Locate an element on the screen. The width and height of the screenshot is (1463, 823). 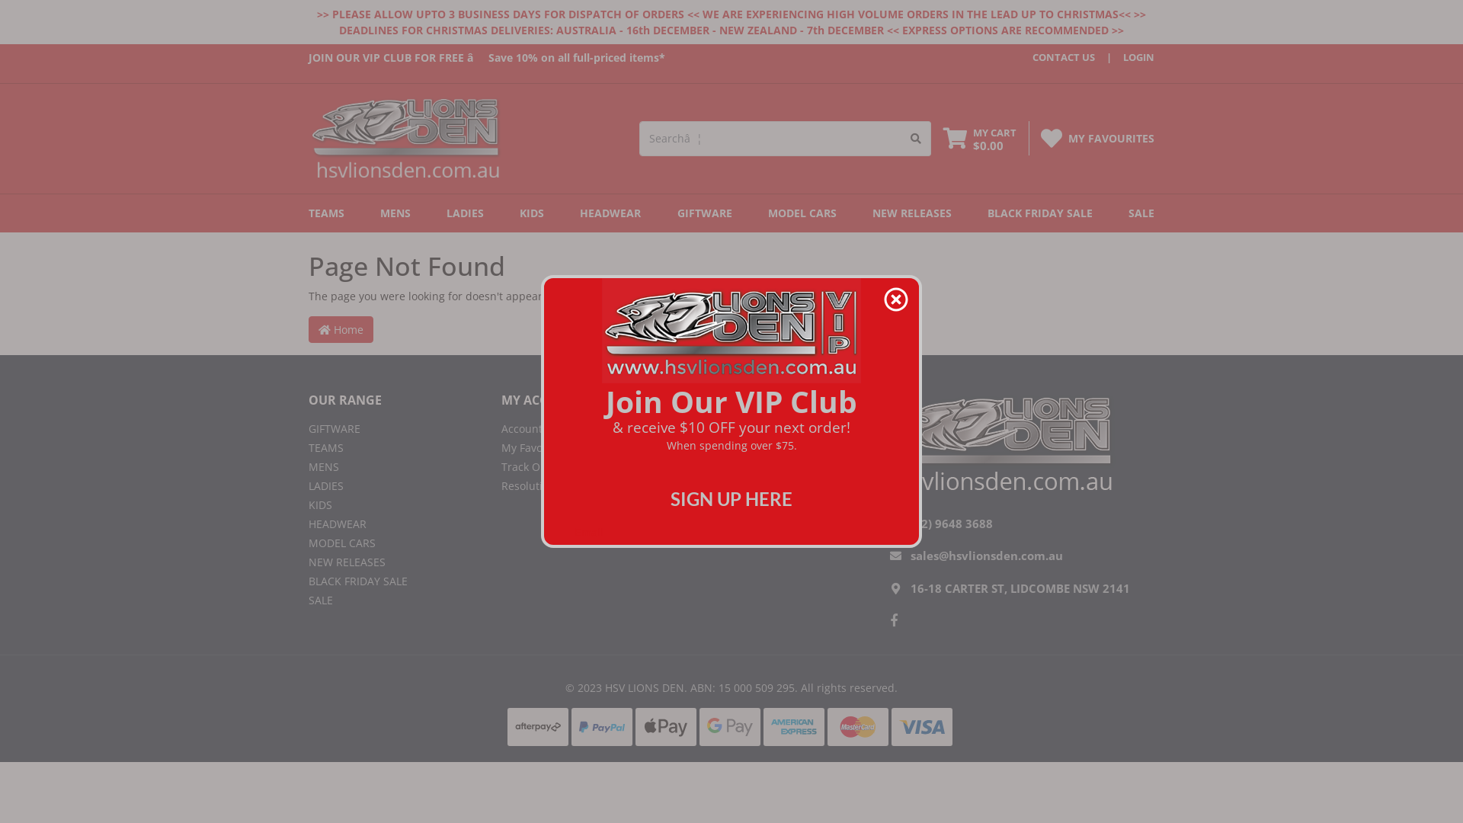
'SALE' is located at coordinates (1122, 213).